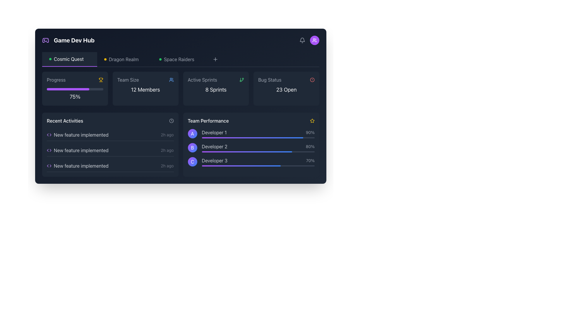 The width and height of the screenshot is (562, 316). I want to click on the text label identifying the team member 'Developer 2' in the 'Team Performance' section, located in row 'B', so click(214, 146).